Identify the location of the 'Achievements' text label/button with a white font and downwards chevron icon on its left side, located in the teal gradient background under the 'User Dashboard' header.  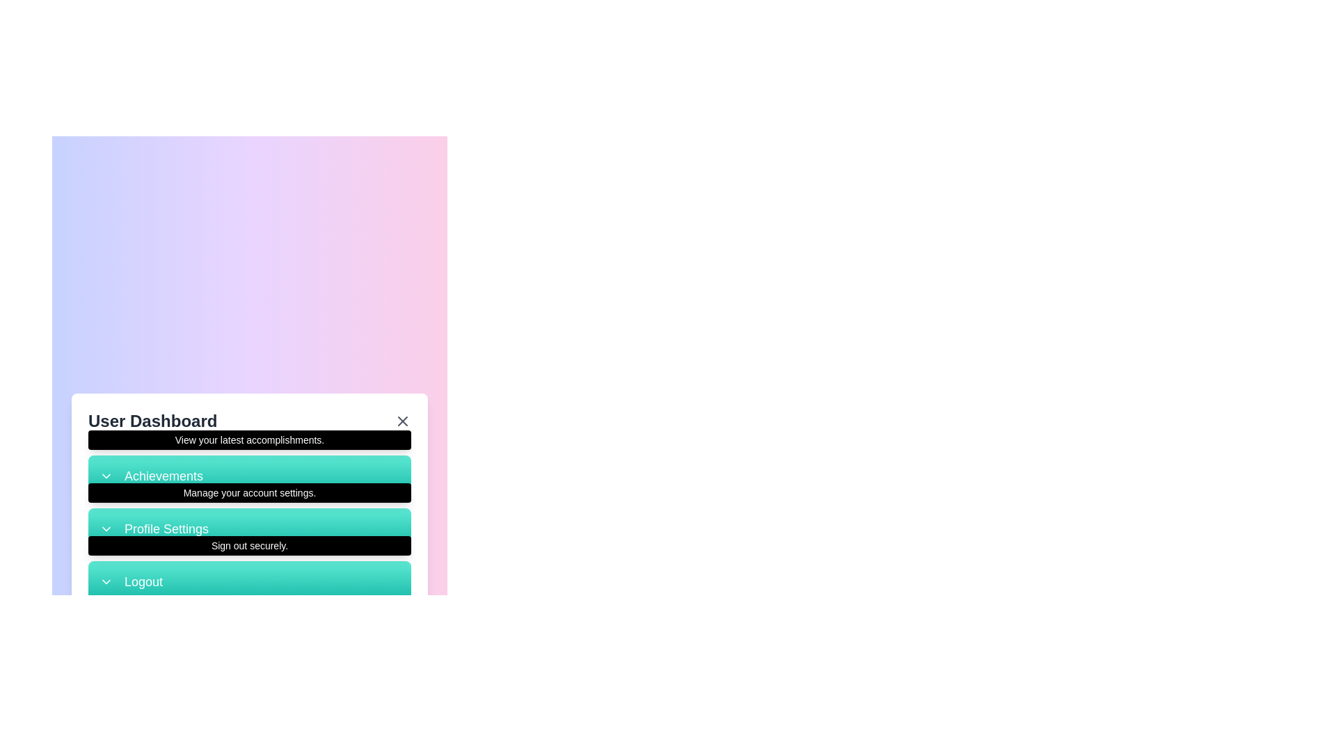
(250, 474).